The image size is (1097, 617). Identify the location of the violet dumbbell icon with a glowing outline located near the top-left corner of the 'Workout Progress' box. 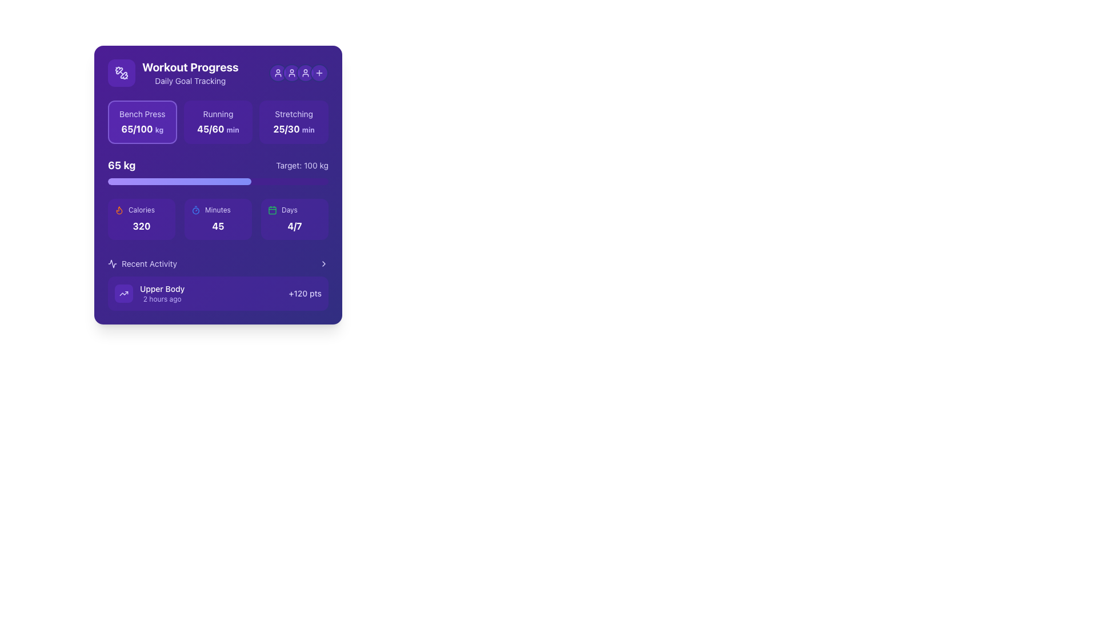
(121, 73).